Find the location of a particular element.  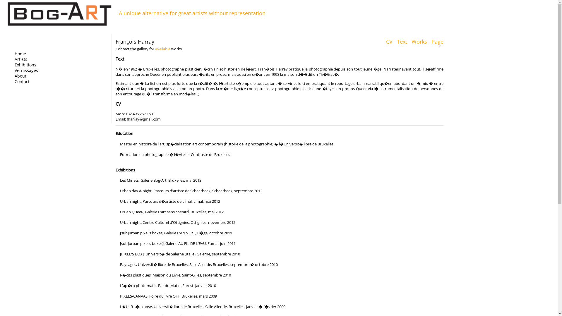

'   Exhibitions' is located at coordinates (11, 65).